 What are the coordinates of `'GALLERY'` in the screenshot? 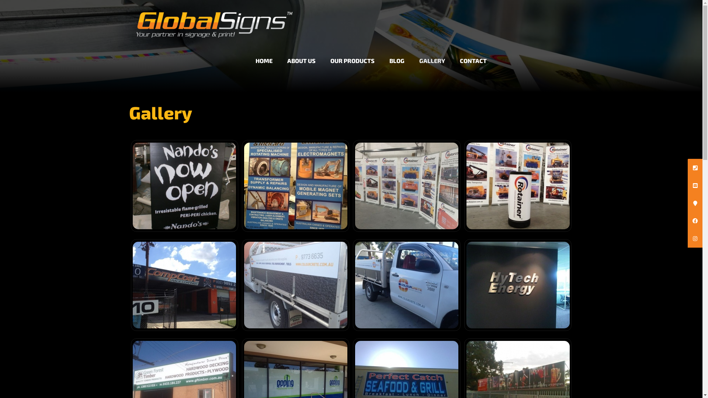 It's located at (432, 54).